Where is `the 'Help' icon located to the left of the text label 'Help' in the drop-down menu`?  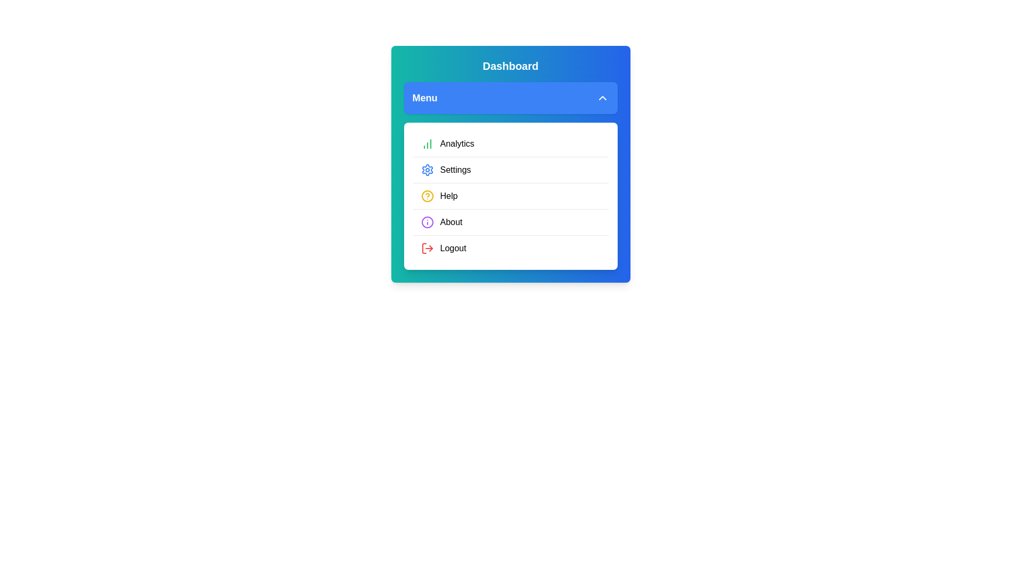
the 'Help' icon located to the left of the text label 'Help' in the drop-down menu is located at coordinates (427, 196).